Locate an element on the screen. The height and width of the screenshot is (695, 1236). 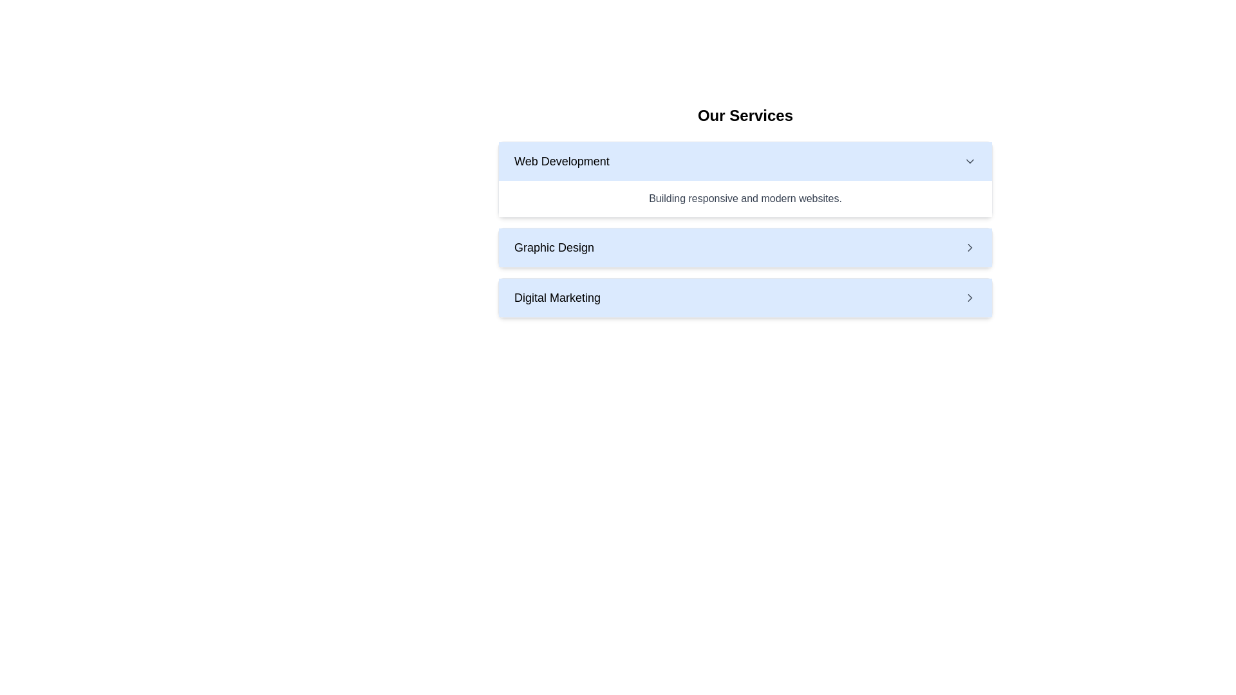
the 'Digital Marketing' button in the navigation list is located at coordinates (745, 297).